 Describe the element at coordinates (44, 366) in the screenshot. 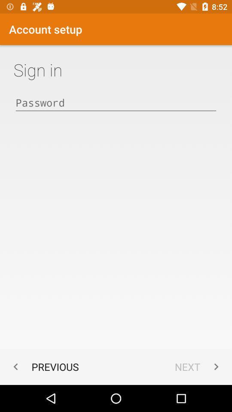

I see `item next to next` at that location.